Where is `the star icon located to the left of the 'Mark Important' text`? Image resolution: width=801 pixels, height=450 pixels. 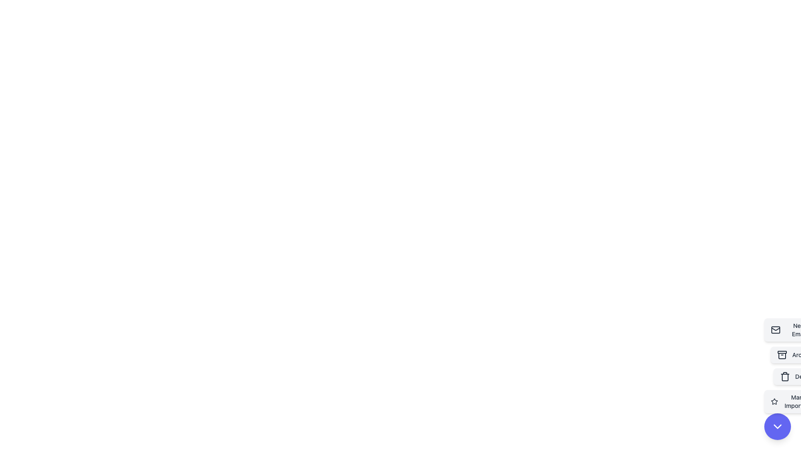 the star icon located to the left of the 'Mark Important' text is located at coordinates (774, 401).